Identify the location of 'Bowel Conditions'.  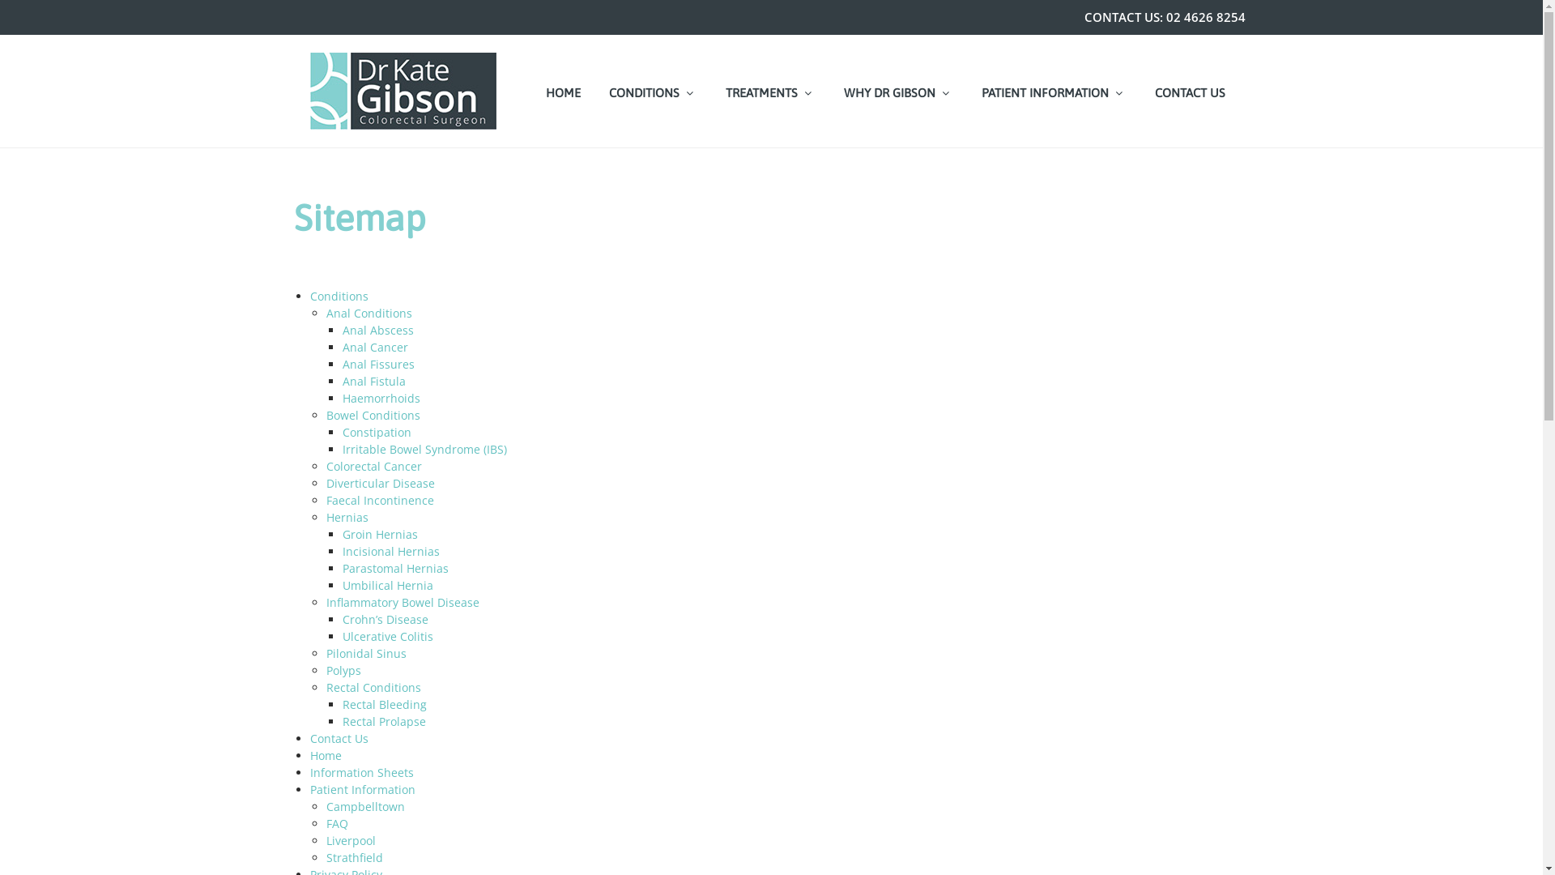
(372, 414).